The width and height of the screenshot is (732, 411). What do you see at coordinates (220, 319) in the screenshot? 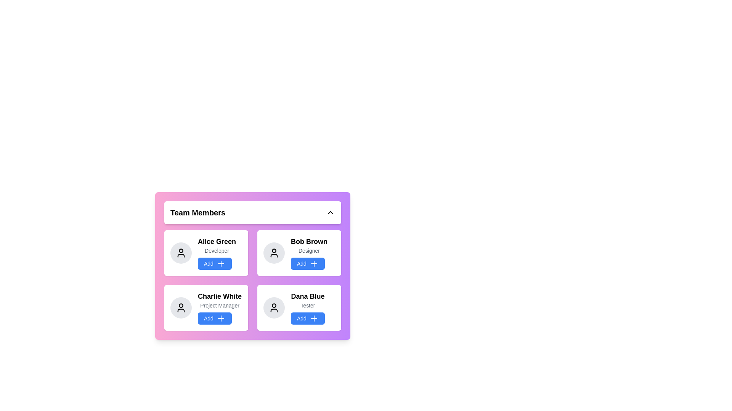
I see `the plus sign icon located at the far right of the 'Add' button on the card for 'Charlie White', the Project Manager, in the bottom-left corner of the grid` at bounding box center [220, 319].